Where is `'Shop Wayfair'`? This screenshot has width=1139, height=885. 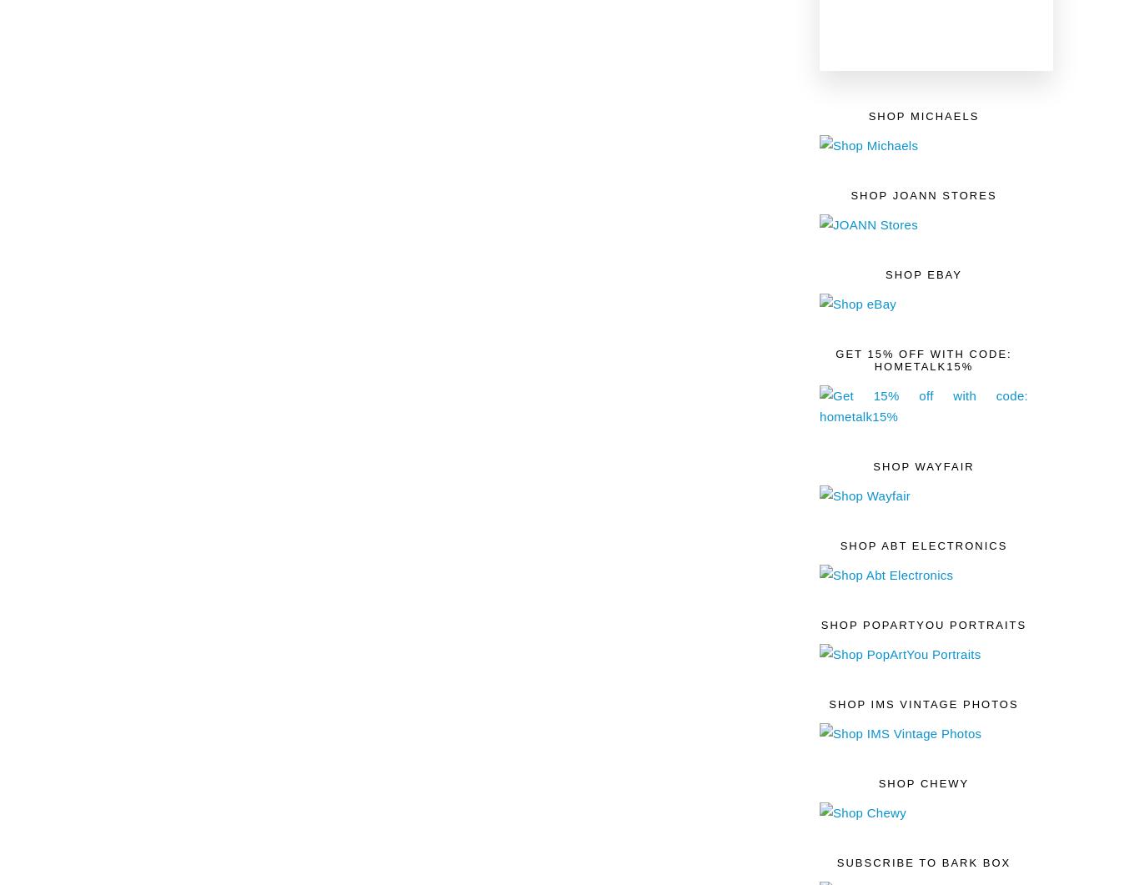 'Shop Wayfair' is located at coordinates (922, 465).